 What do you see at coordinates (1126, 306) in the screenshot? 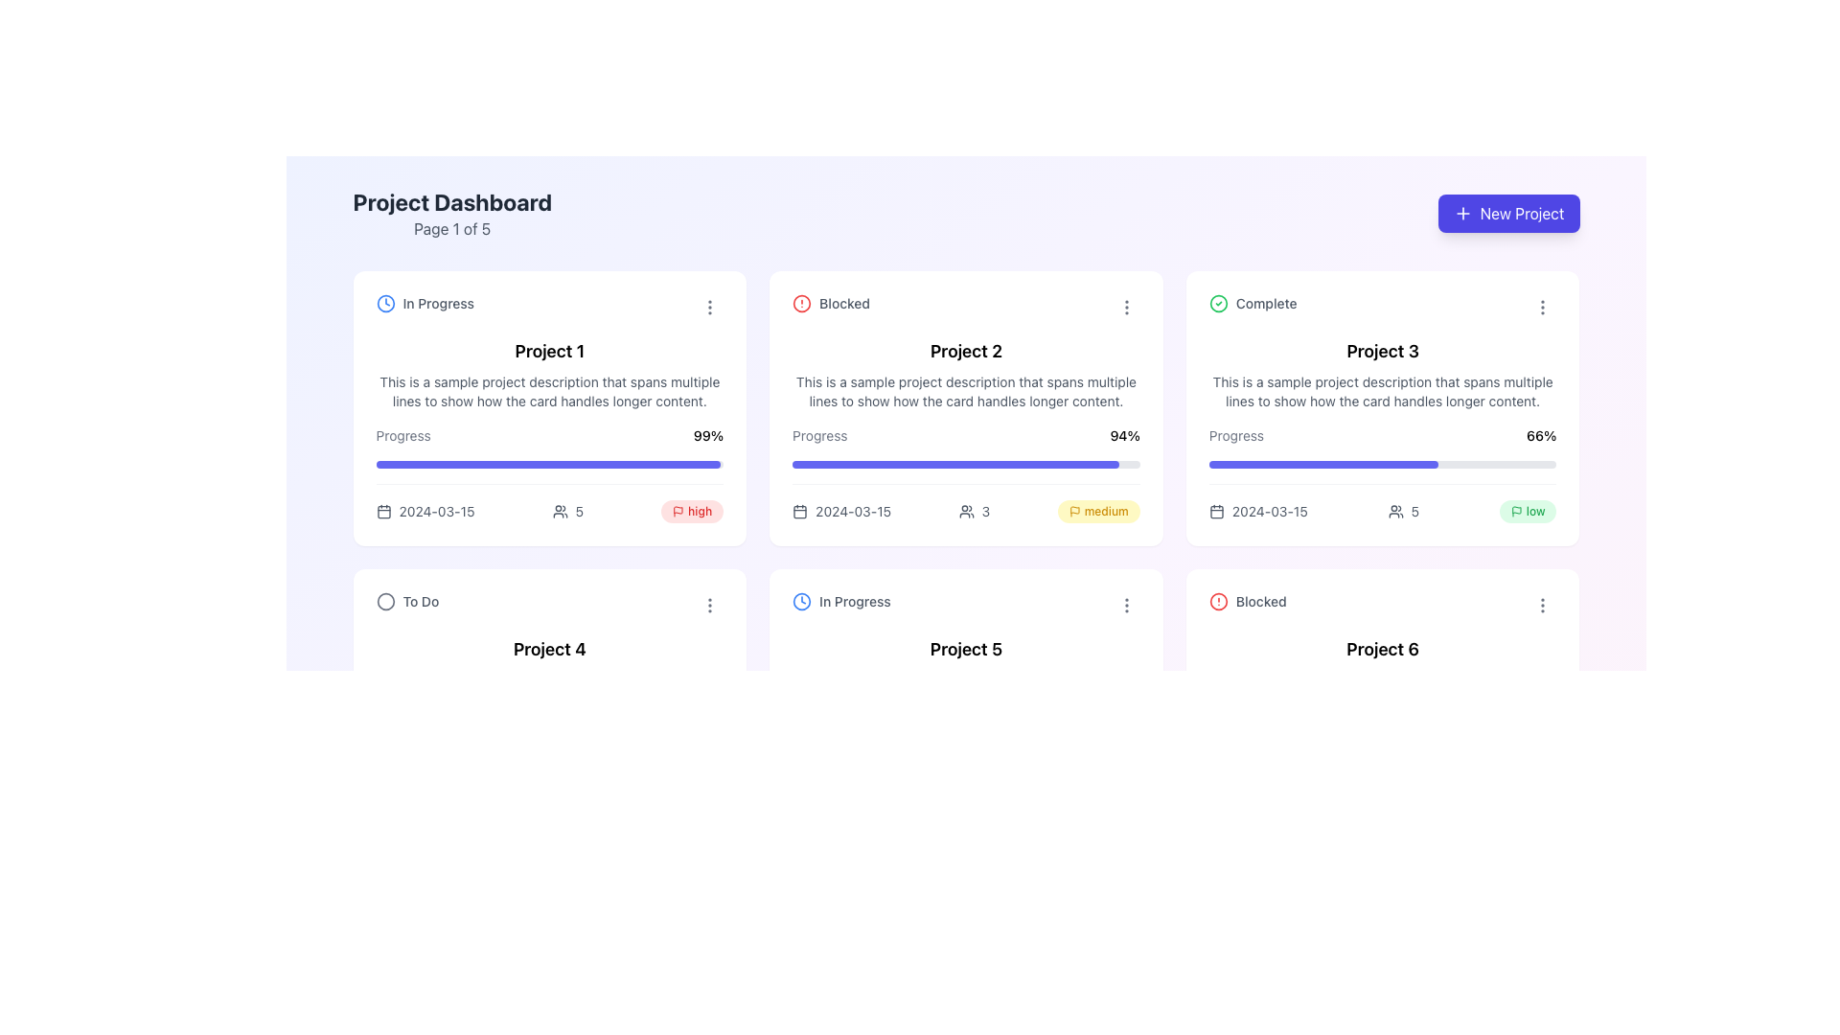
I see `the circular button with a vertical ellipsis icon located at the top-right corner of the 'Project 2' card` at bounding box center [1126, 306].